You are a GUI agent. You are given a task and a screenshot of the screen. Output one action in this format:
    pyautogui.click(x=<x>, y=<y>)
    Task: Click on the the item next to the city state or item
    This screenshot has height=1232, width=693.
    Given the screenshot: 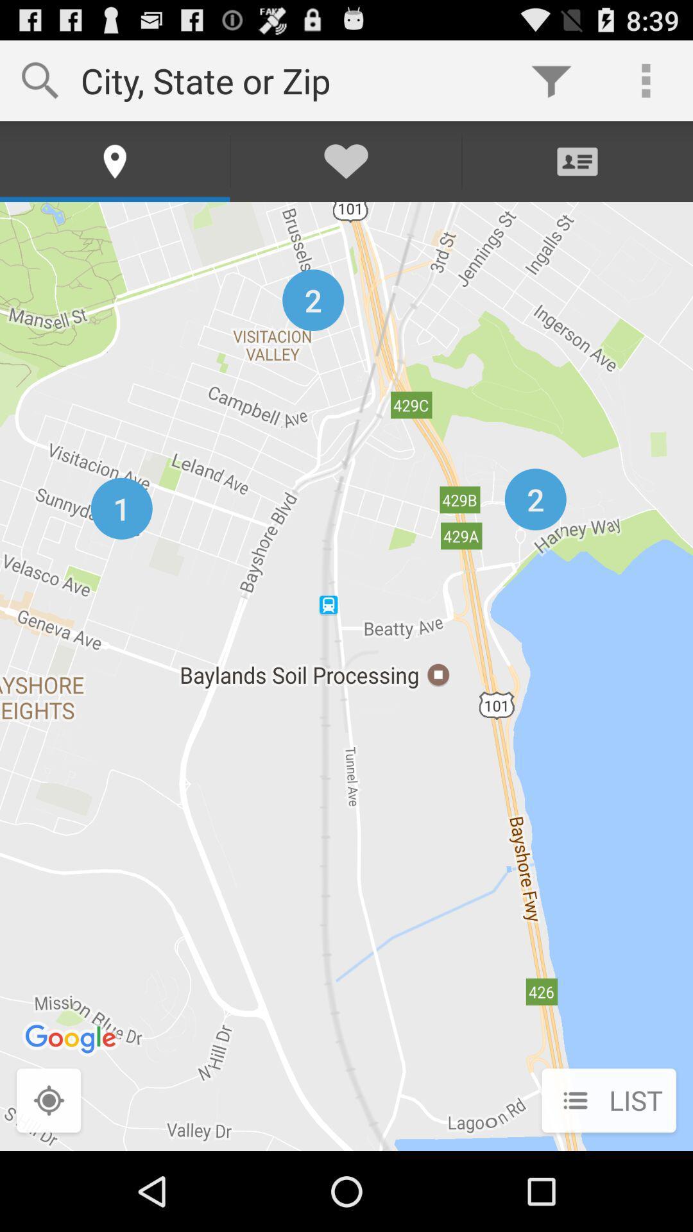 What is the action you would take?
    pyautogui.click(x=551, y=80)
    